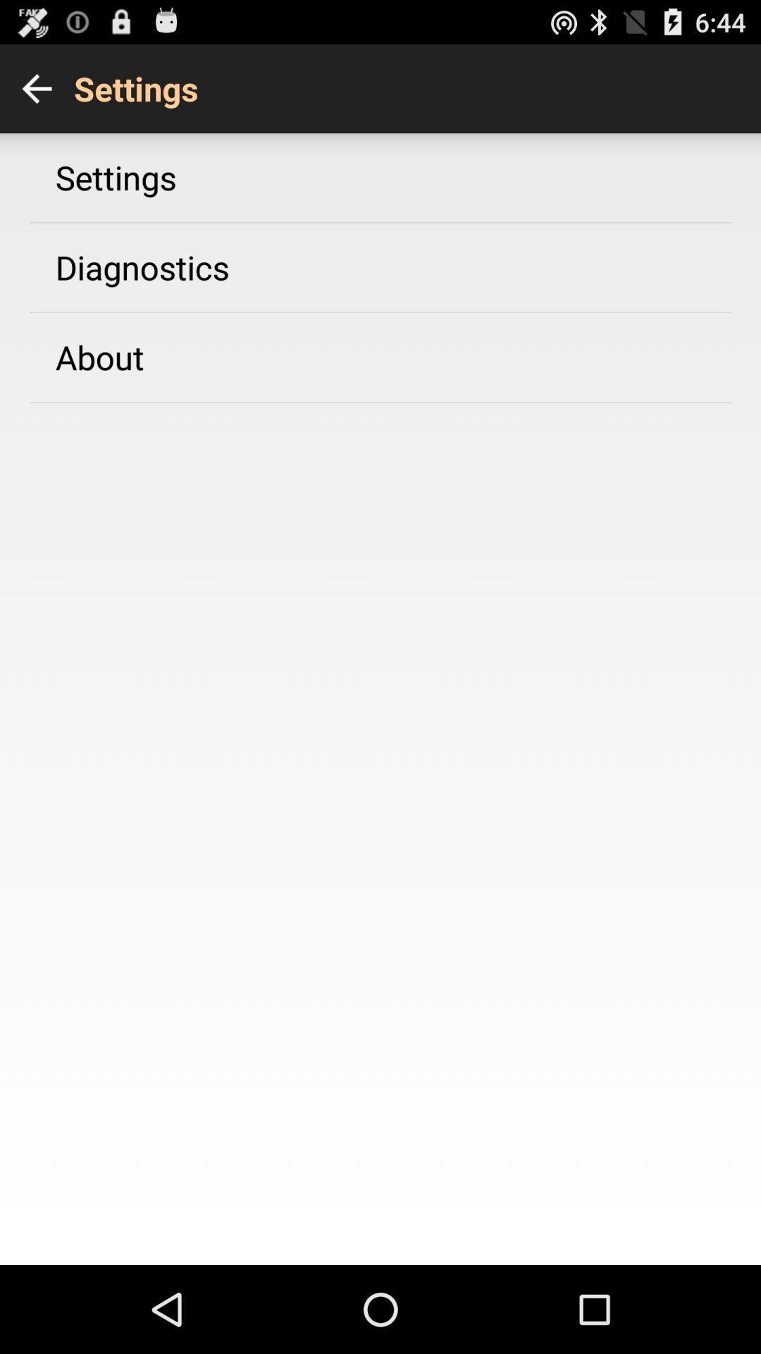 This screenshot has width=761, height=1354. What do you see at coordinates (142, 267) in the screenshot?
I see `the app above the about` at bounding box center [142, 267].